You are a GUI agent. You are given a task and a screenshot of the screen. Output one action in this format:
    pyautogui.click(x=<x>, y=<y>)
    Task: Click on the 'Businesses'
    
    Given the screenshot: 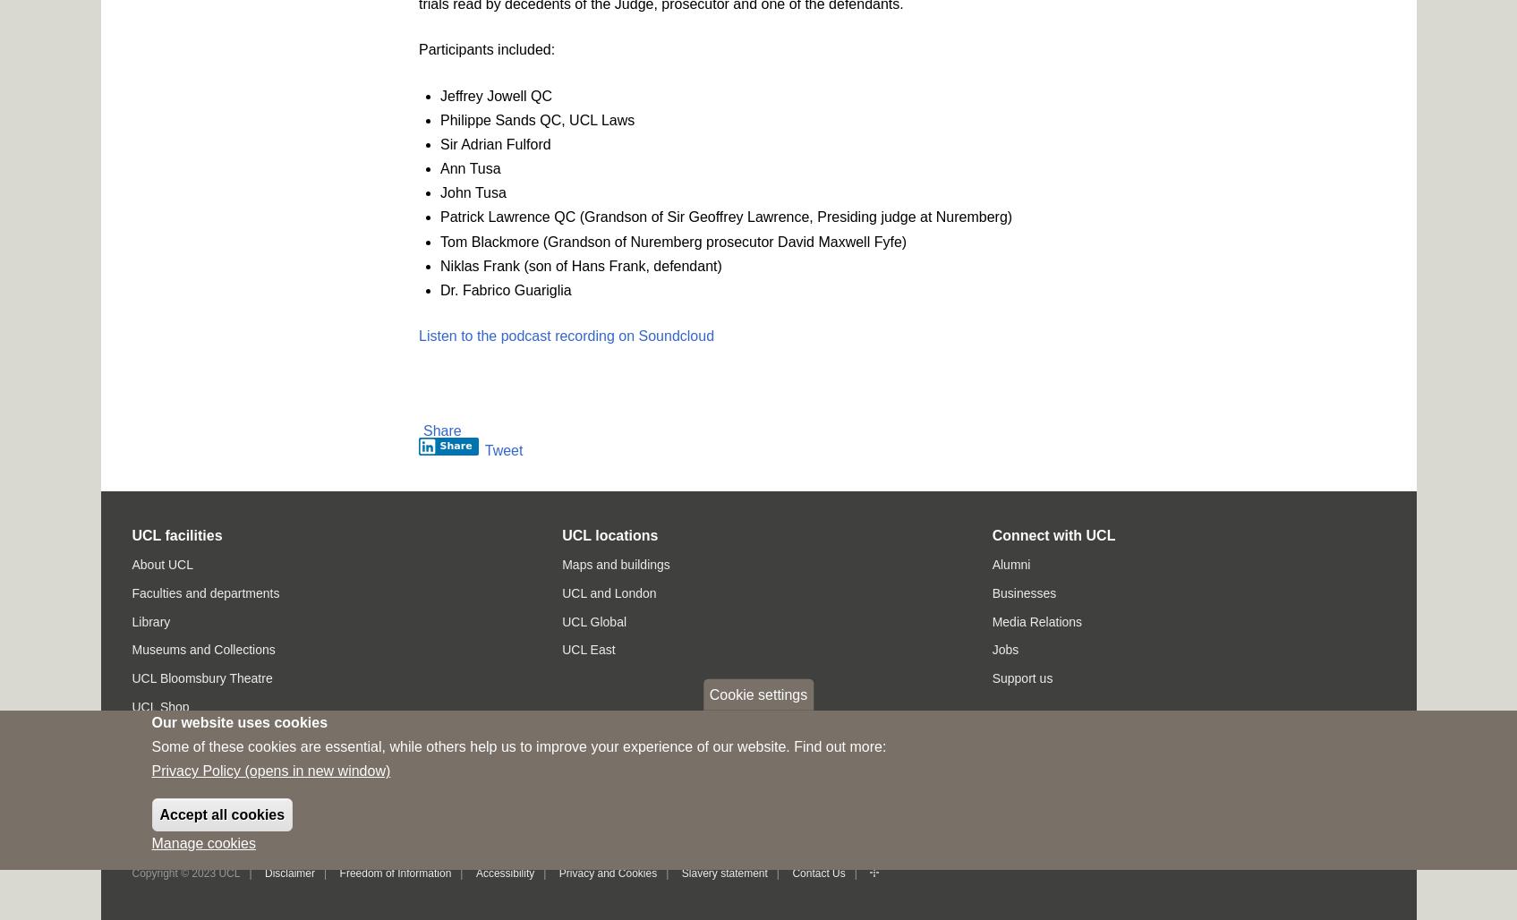 What is the action you would take?
    pyautogui.click(x=1022, y=592)
    